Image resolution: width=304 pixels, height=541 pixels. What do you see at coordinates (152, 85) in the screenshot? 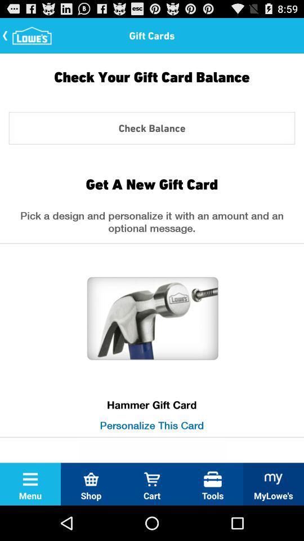
I see `icon above the check balance item` at bounding box center [152, 85].